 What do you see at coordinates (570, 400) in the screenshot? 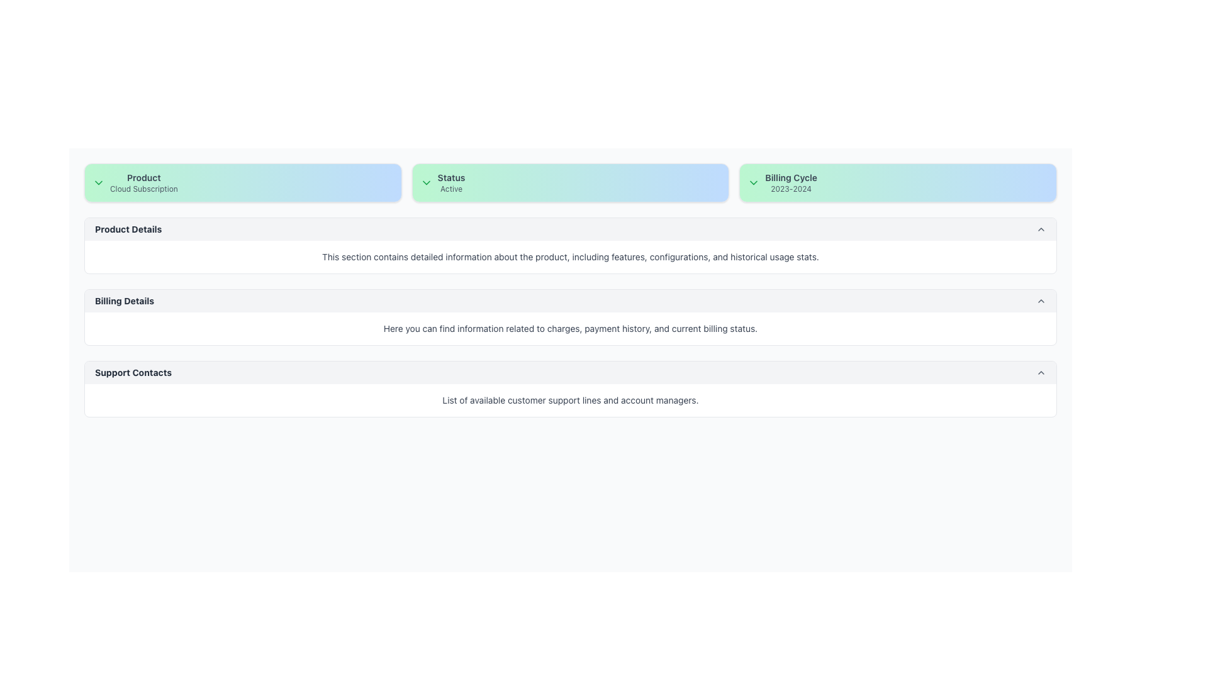
I see `the static text label that reads 'List of available customer support lines and account managers.', which is centrally aligned beneath the header 'Support Contacts'` at bounding box center [570, 400].